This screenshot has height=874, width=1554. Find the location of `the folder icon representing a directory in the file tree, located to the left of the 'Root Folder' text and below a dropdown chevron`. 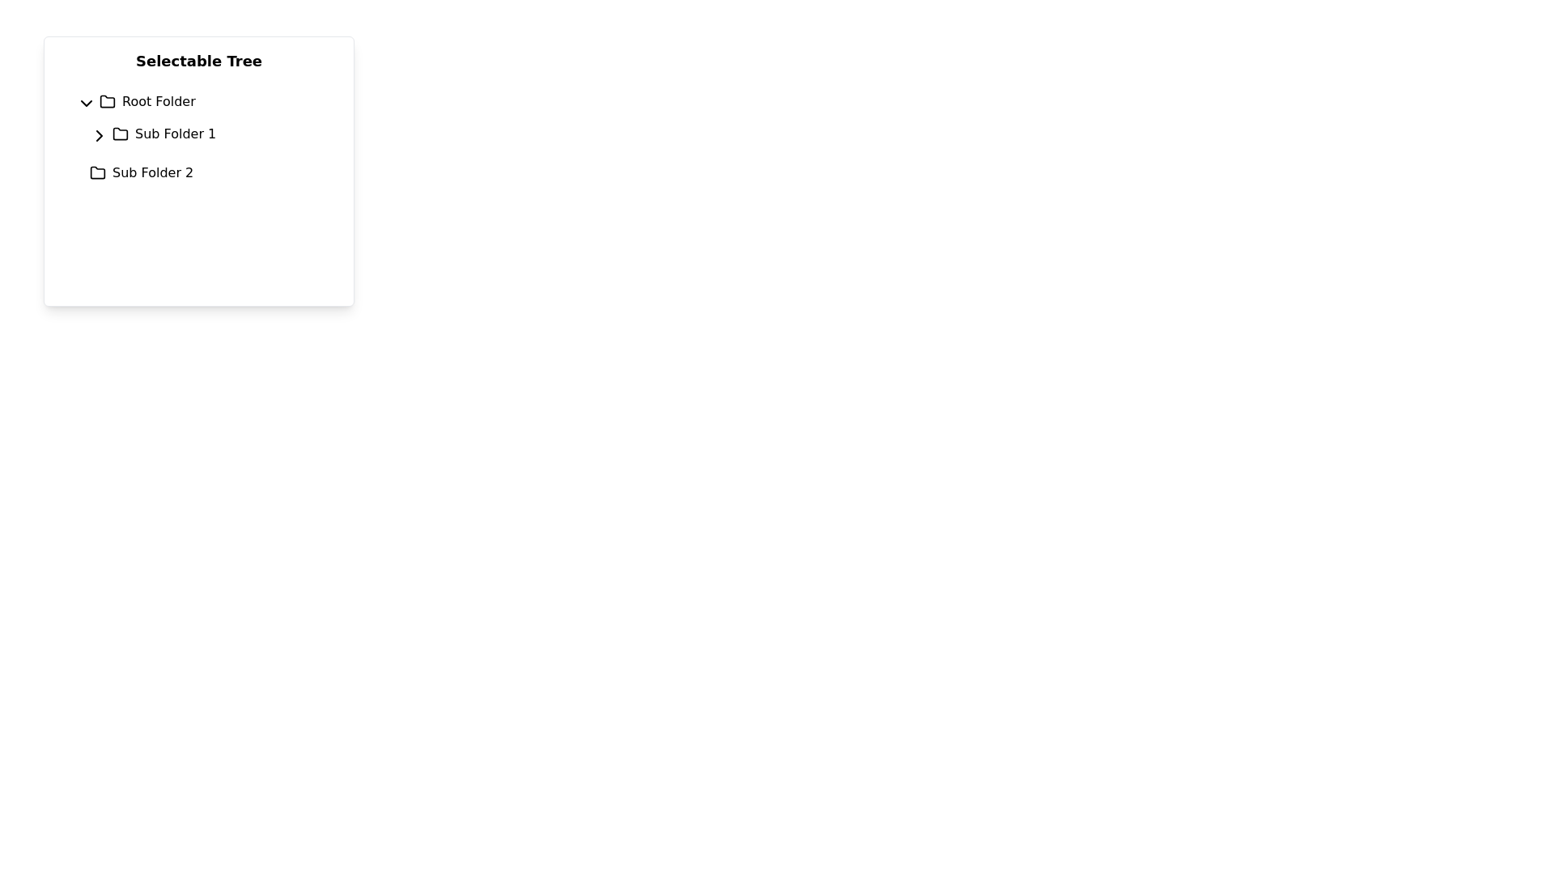

the folder icon representing a directory in the file tree, located to the left of the 'Root Folder' text and below a dropdown chevron is located at coordinates (107, 102).